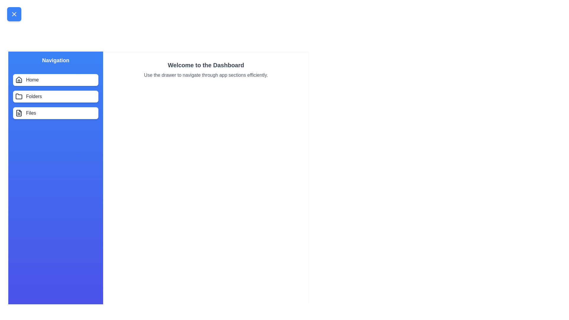  I want to click on the toggle button to open or close the drawer, so click(14, 14).